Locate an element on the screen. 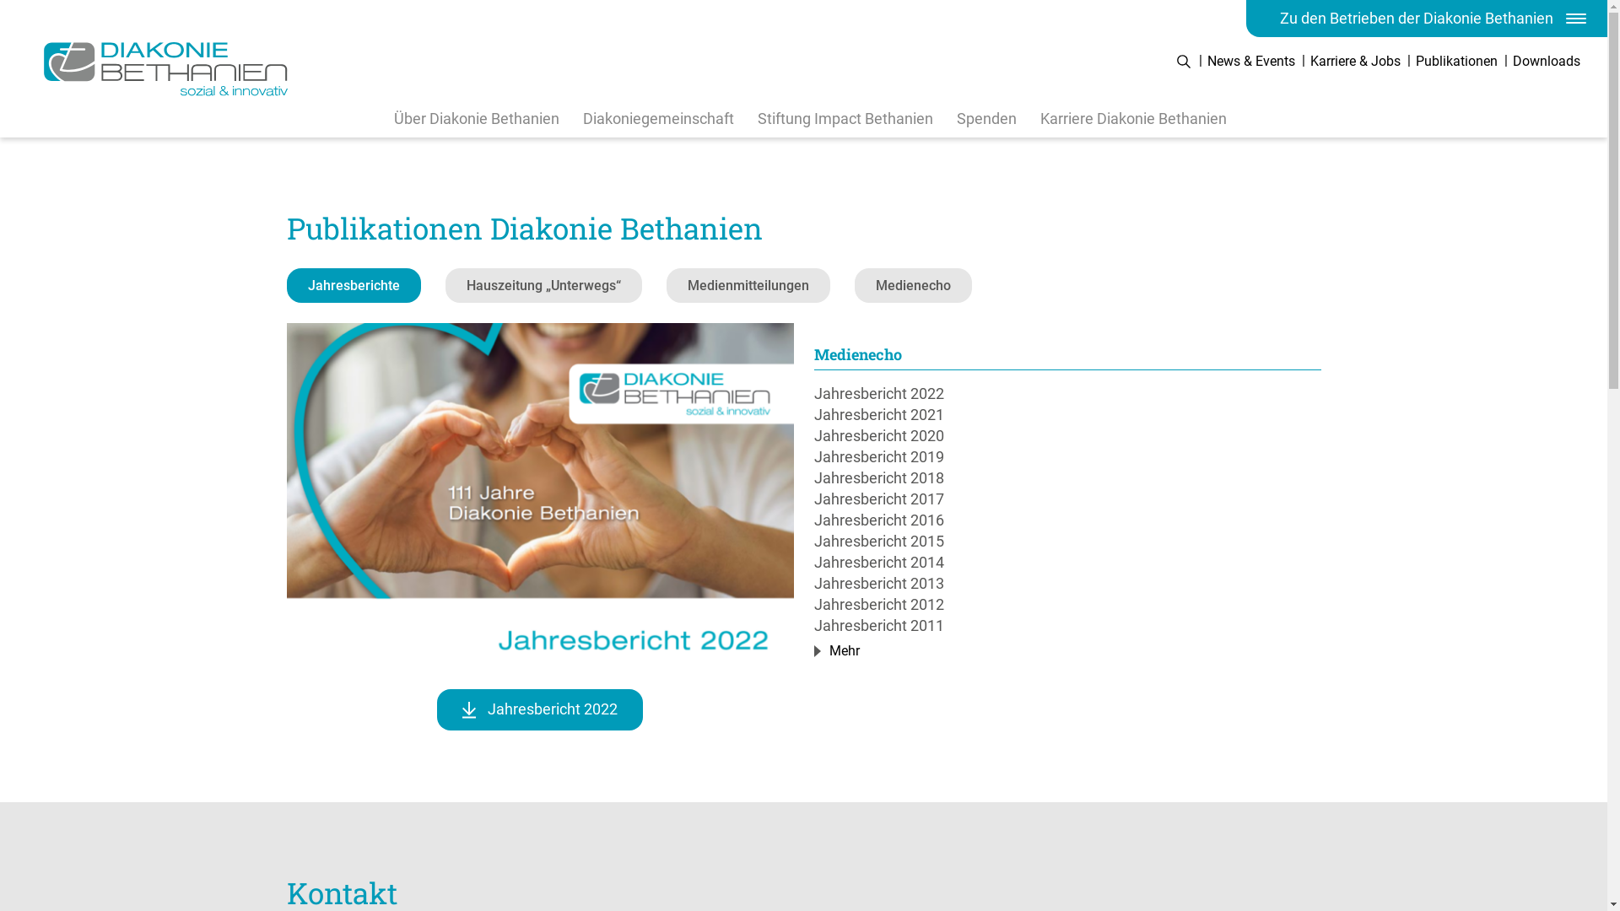 This screenshot has height=911, width=1620. 'Jahresbericht 2016' is located at coordinates (1066, 519).